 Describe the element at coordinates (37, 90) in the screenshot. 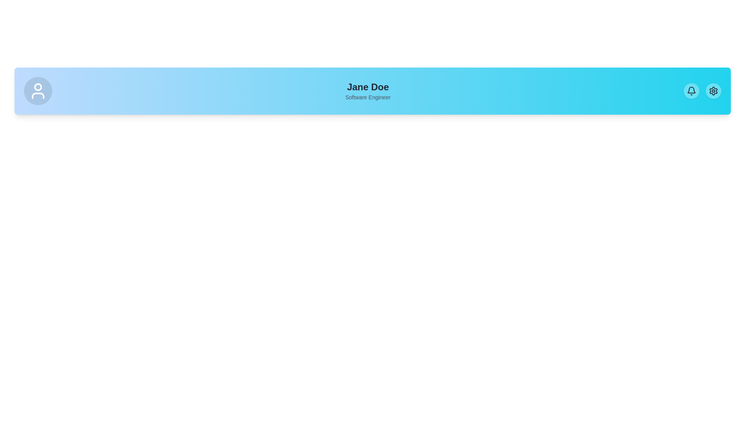

I see `the Avatar Component, which is a circular user profile icon positioned at the left end of the banner` at that location.